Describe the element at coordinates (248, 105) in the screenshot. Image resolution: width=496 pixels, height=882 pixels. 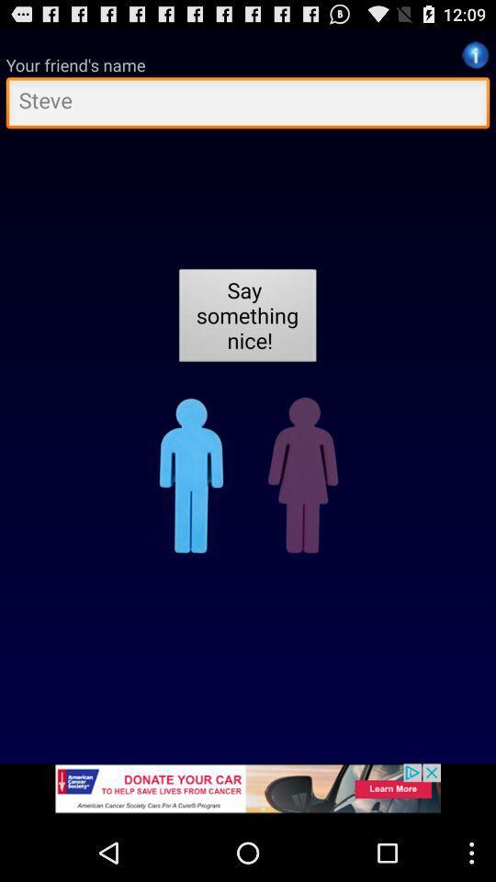
I see `a search bar` at that location.